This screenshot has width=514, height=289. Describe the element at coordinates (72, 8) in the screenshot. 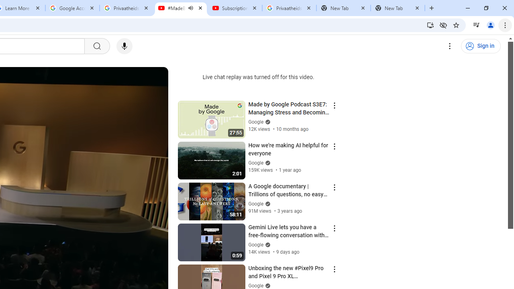

I see `'Google Account'` at that location.